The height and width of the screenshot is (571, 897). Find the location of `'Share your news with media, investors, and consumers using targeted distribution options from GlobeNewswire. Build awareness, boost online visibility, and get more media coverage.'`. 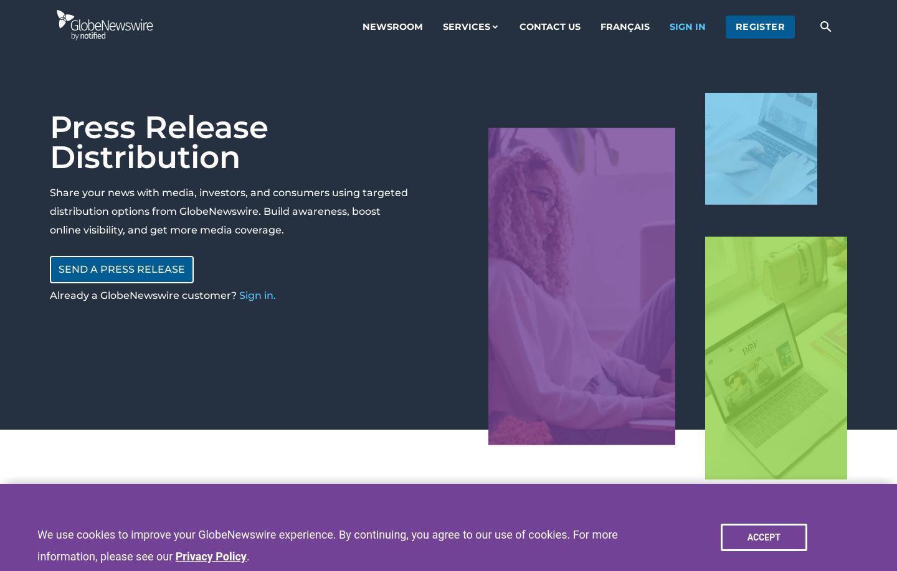

'Share your news with media, investors, and consumers using targeted distribution options from GlobeNewswire. Build awareness, boost online visibility, and get more media coverage.' is located at coordinates (228, 210).